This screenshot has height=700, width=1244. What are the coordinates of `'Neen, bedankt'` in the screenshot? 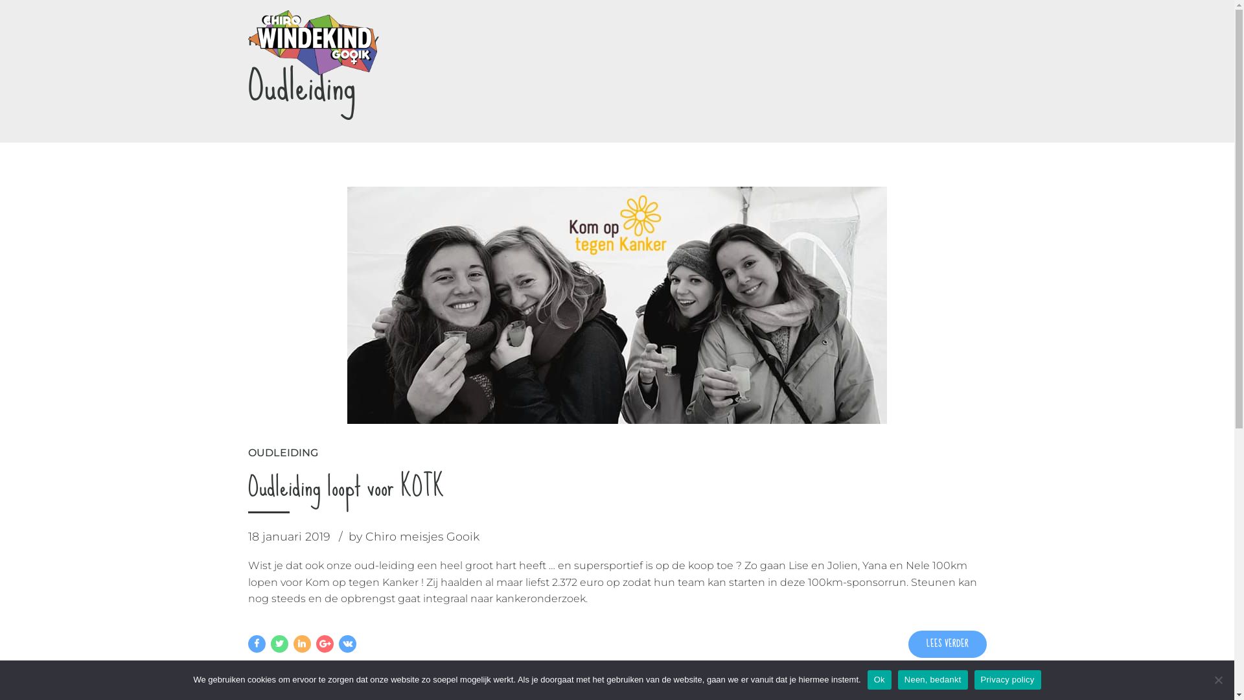 It's located at (1217, 679).